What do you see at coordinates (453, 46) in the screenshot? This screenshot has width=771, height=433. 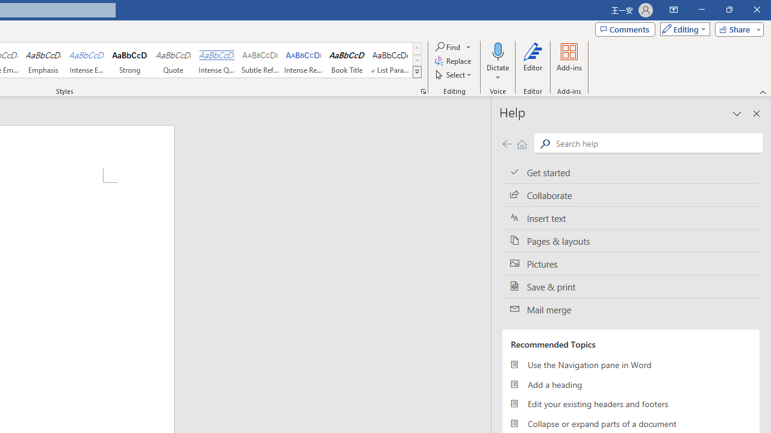 I see `'Find'` at bounding box center [453, 46].